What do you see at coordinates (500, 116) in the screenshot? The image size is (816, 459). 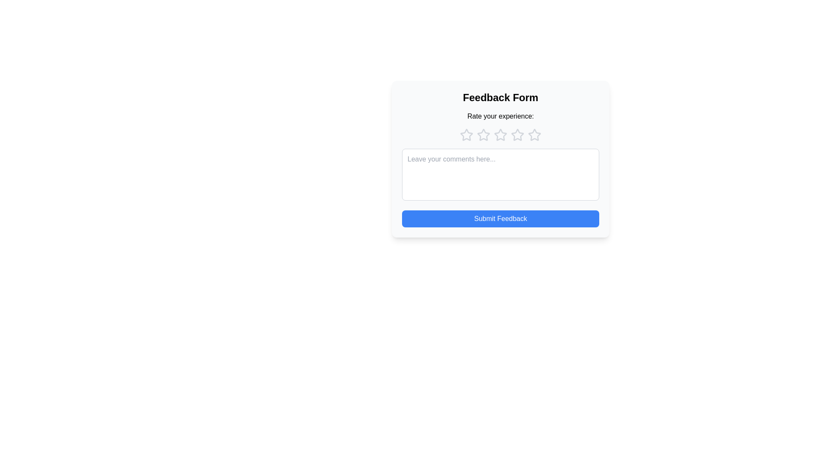 I see `text from the Label that states 'Rate your experience:' which is positioned below the title 'Feedback Form'` at bounding box center [500, 116].